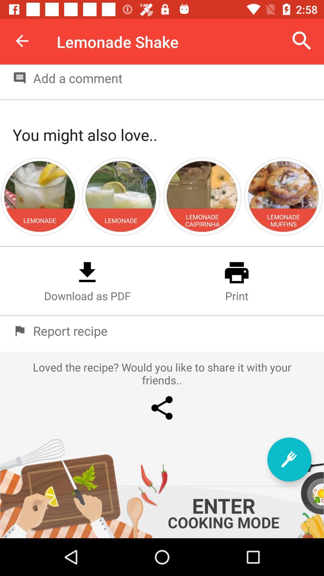 This screenshot has height=576, width=324. What do you see at coordinates (302, 40) in the screenshot?
I see `the icon above the add a comment icon` at bounding box center [302, 40].